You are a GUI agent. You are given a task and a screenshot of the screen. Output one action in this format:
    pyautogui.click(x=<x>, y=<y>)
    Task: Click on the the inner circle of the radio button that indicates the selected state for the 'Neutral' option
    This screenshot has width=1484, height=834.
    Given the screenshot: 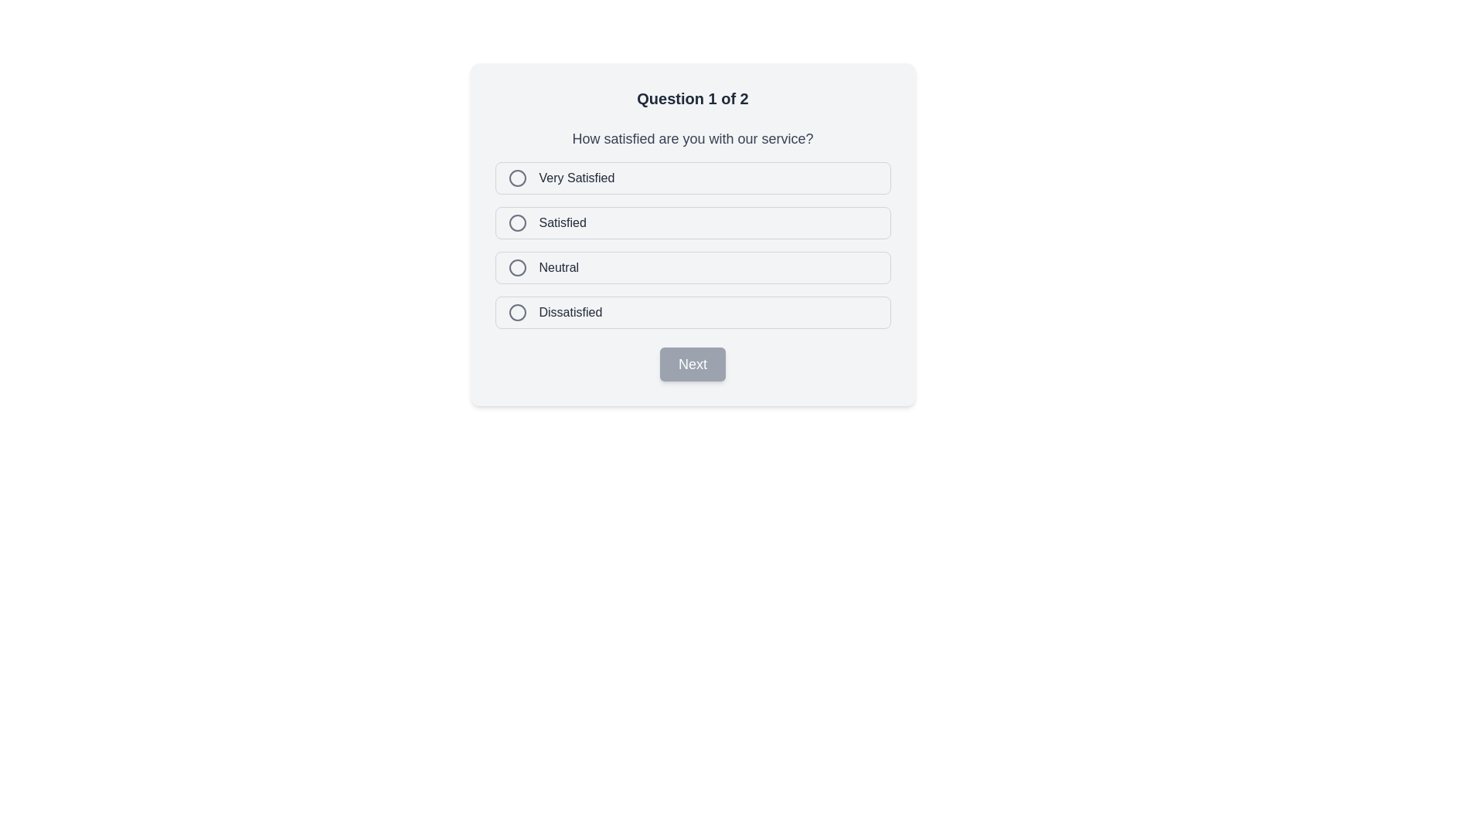 What is the action you would take?
    pyautogui.click(x=517, y=267)
    